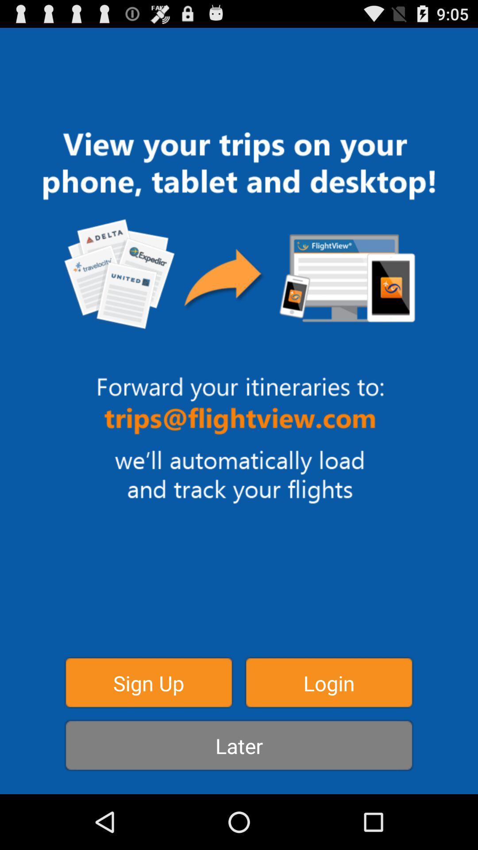 Image resolution: width=478 pixels, height=850 pixels. I want to click on button to the right of the sign up, so click(329, 682).